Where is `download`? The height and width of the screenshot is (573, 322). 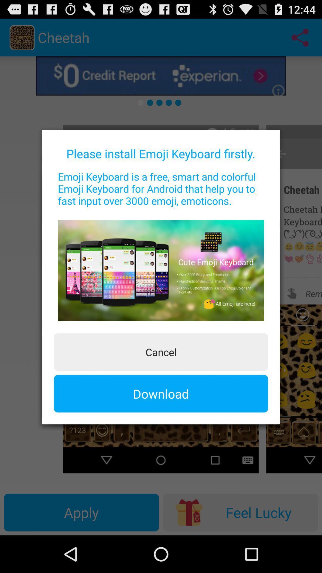 download is located at coordinates (161, 394).